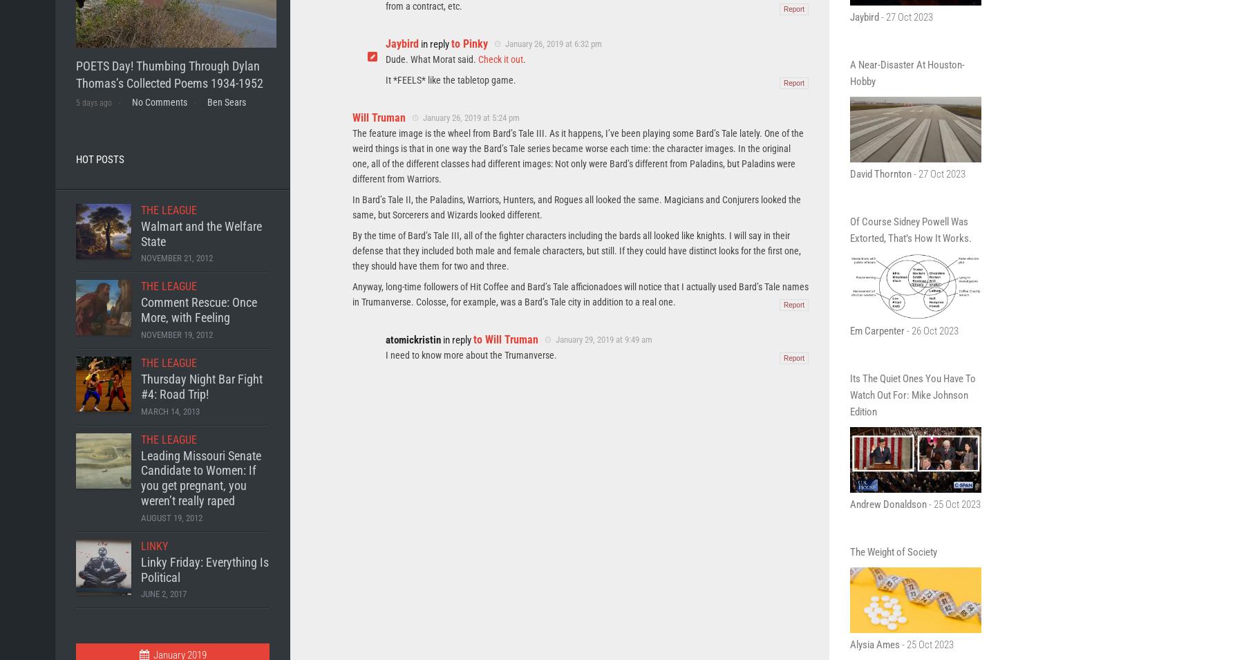 The image size is (1244, 660). What do you see at coordinates (451, 78) in the screenshot?
I see `'It *FEELS* like the tabletop game.'` at bounding box center [451, 78].